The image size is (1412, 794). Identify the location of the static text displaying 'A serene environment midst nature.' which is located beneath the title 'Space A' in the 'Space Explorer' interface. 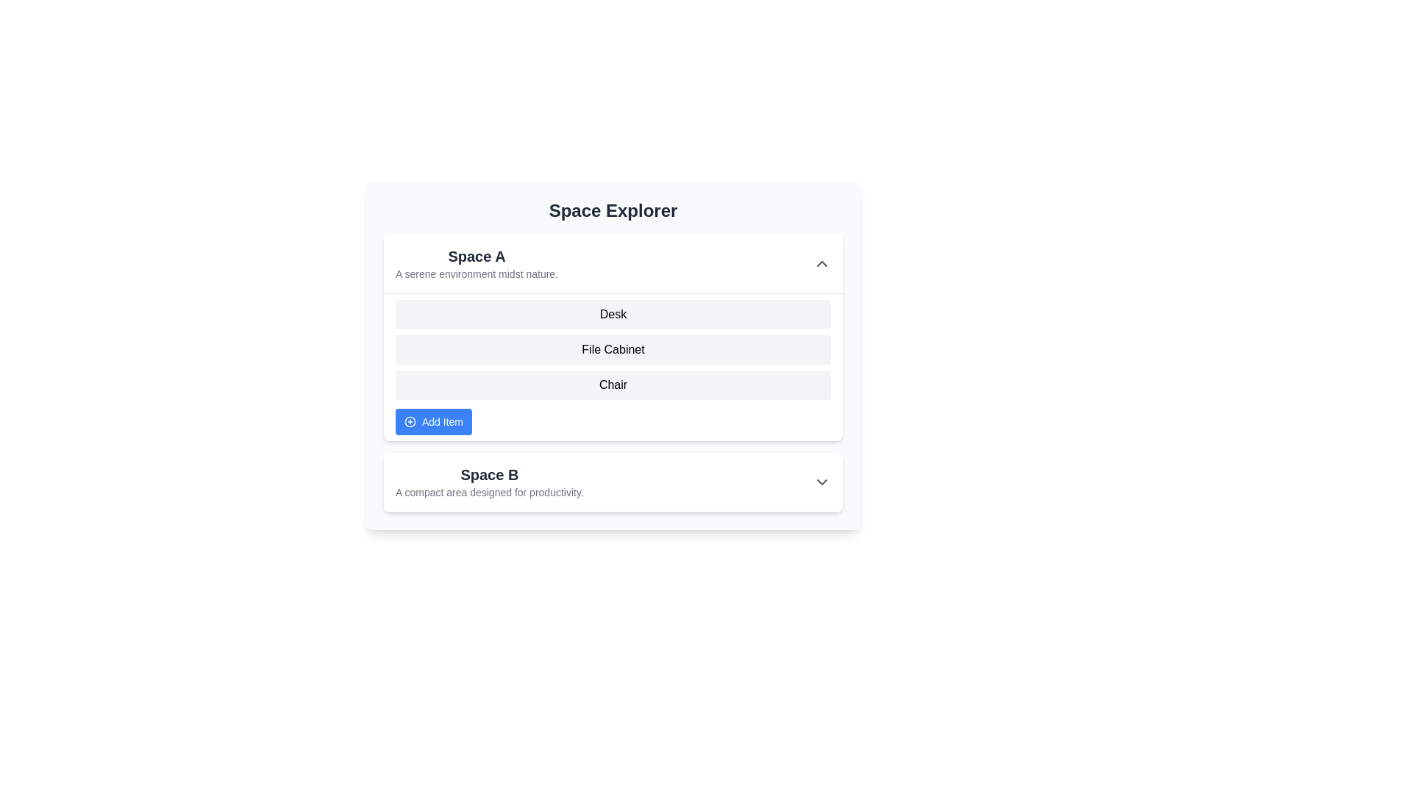
(477, 274).